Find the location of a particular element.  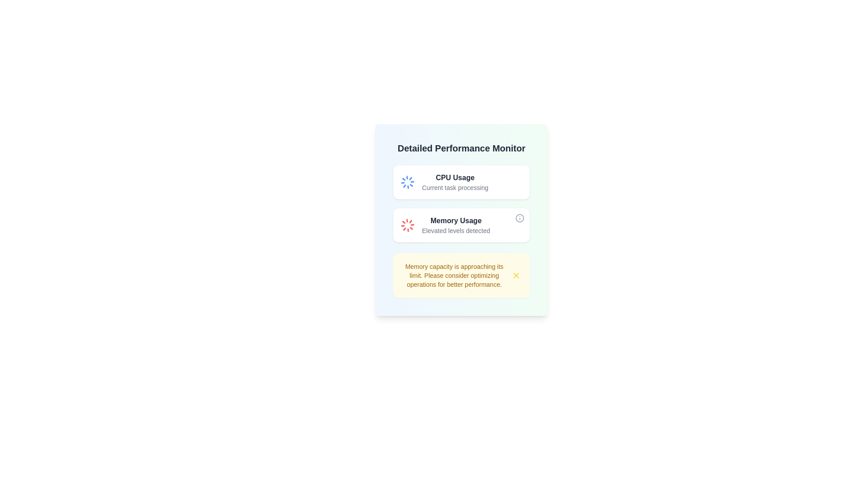

the text header labeled 'Detailed Performance Monitor', which is styled with a bold font and centered alignment, located at the top of the detailed performance monitor card is located at coordinates (461, 148).